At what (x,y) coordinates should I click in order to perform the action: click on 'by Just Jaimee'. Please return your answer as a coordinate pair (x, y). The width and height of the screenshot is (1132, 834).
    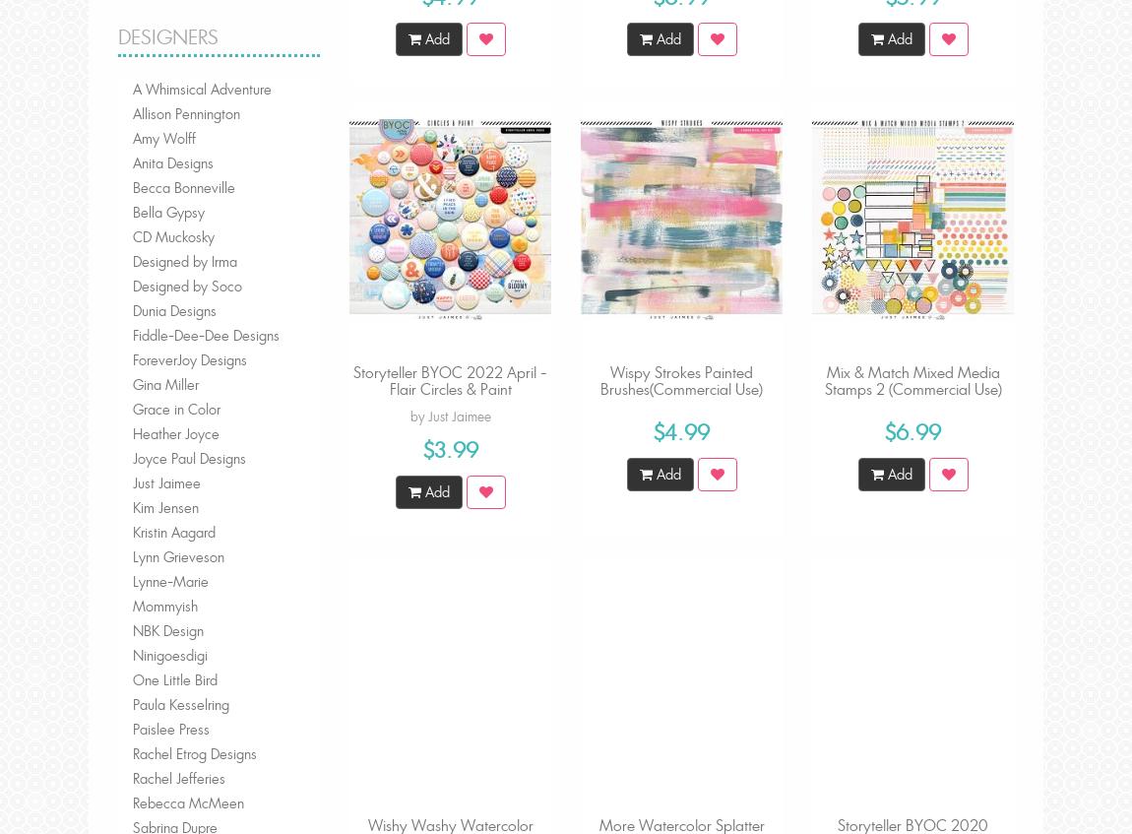
    Looking at the image, I should click on (450, 415).